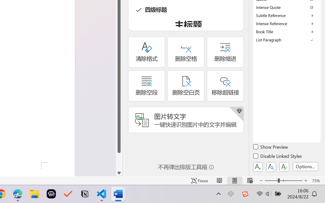  Describe the element at coordinates (283, 180) in the screenshot. I see `'Zoom'` at that location.